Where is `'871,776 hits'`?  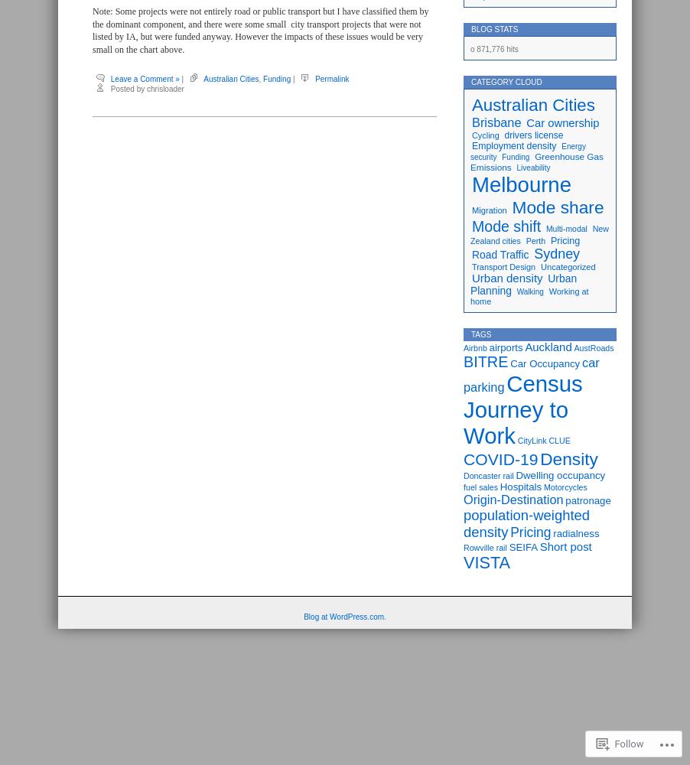 '871,776 hits' is located at coordinates (496, 48).